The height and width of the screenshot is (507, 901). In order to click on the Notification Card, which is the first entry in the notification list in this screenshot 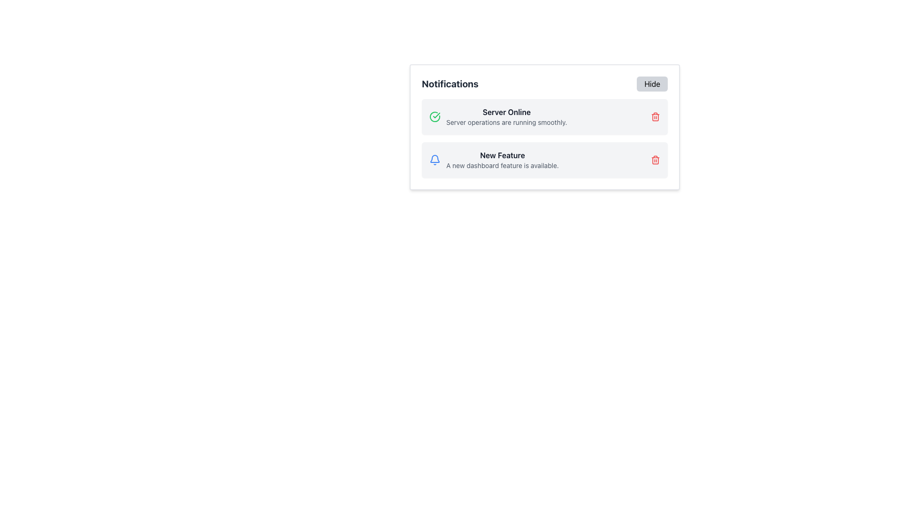, I will do `click(545, 116)`.